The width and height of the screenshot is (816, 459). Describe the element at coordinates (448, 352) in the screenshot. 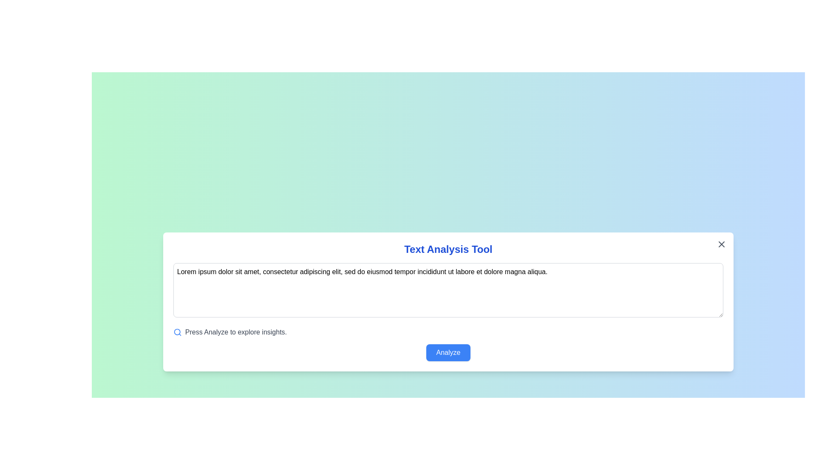

I see `the 'Analyze' button to perform the analysis` at that location.